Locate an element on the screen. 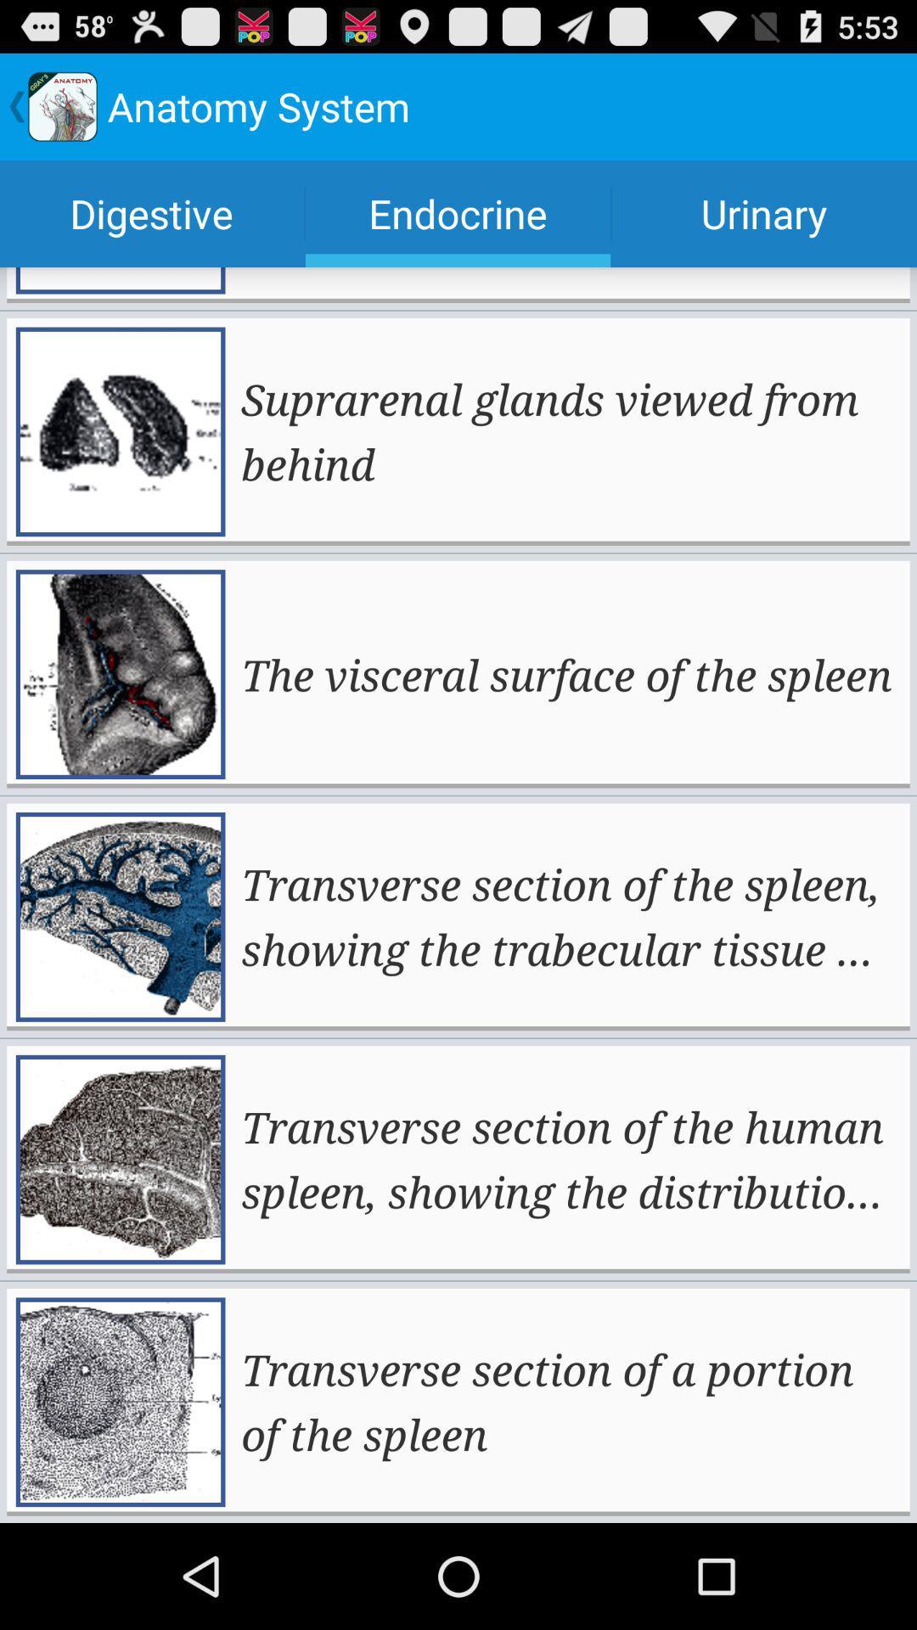 Image resolution: width=917 pixels, height=1630 pixels. the the visceral surface item is located at coordinates (566, 673).